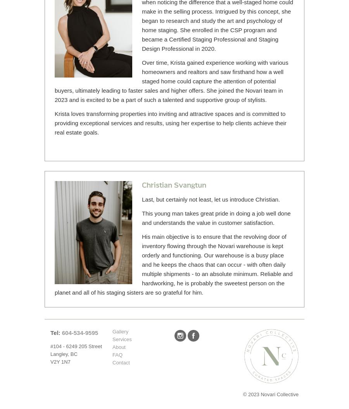  What do you see at coordinates (62, 333) in the screenshot?
I see `'604-534-9595'` at bounding box center [62, 333].